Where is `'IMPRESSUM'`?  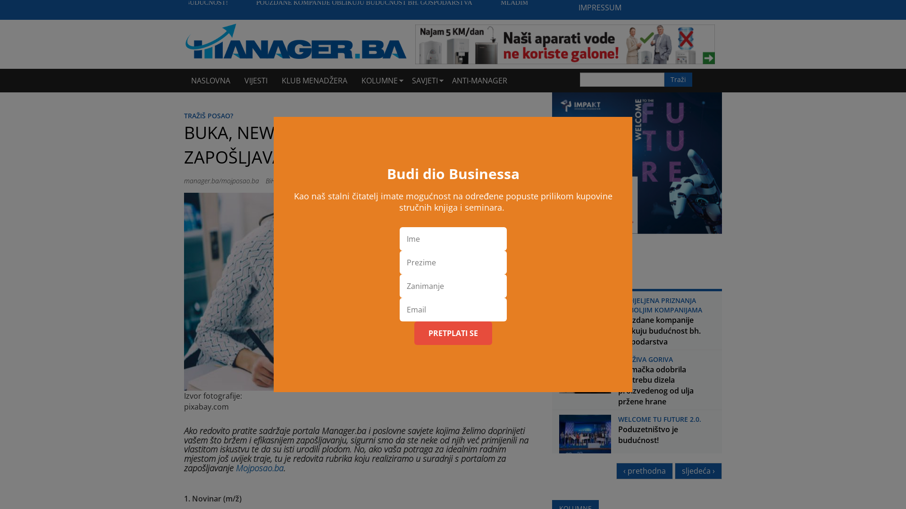 'IMPRESSUM' is located at coordinates (599, 8).